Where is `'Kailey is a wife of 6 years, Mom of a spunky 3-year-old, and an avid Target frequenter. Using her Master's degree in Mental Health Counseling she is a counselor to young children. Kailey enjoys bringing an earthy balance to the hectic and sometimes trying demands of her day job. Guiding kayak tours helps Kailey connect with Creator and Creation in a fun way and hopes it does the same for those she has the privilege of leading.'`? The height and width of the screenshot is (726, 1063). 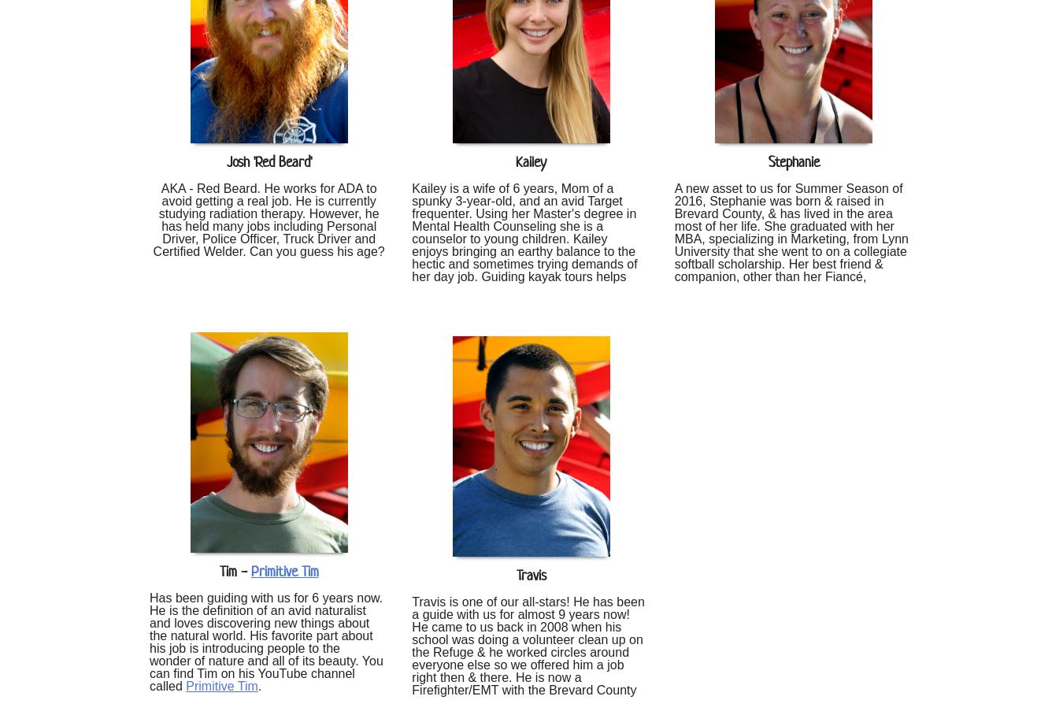
'Kailey is a wife of 6 years, Mom of a spunky 3-year-old, and an avid Target frequenter. Using her Master's degree in Mental Health Counseling she is a counselor to young children. Kailey enjoys bringing an earthy balance to the hectic and sometimes trying demands of her day job. Guiding kayak tours helps Kailey connect with Creator and Creation in a fun way and hopes it does the same for those she has the privilege of leading.' is located at coordinates (527, 250).